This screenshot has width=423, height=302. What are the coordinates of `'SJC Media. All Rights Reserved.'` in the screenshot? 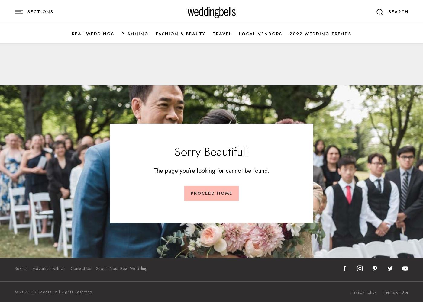 It's located at (61, 291).